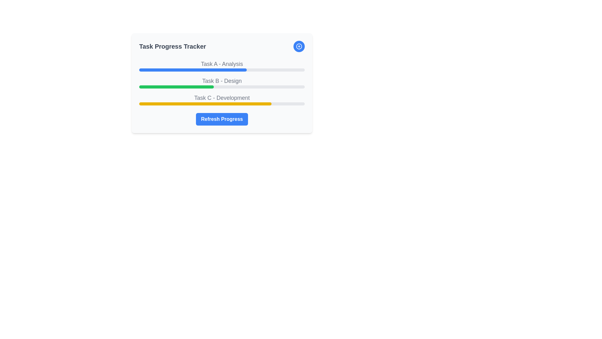  What do you see at coordinates (222, 64) in the screenshot?
I see `the static text label reading 'Task A - Analysis' located at the top of the task progress tracker interface, which is centered above a blue progress bar` at bounding box center [222, 64].